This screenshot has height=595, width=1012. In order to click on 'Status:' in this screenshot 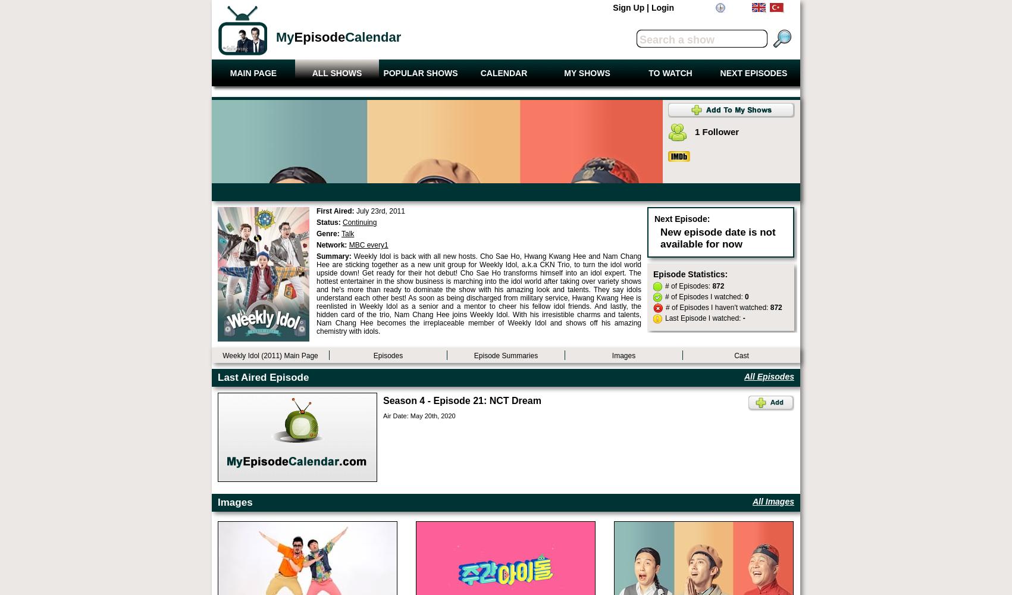, I will do `click(330, 222)`.